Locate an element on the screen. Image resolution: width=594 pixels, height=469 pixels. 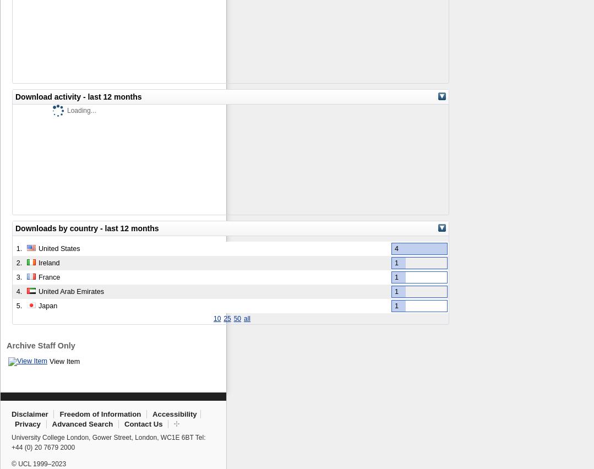
'Advanced Search' is located at coordinates (81, 423).